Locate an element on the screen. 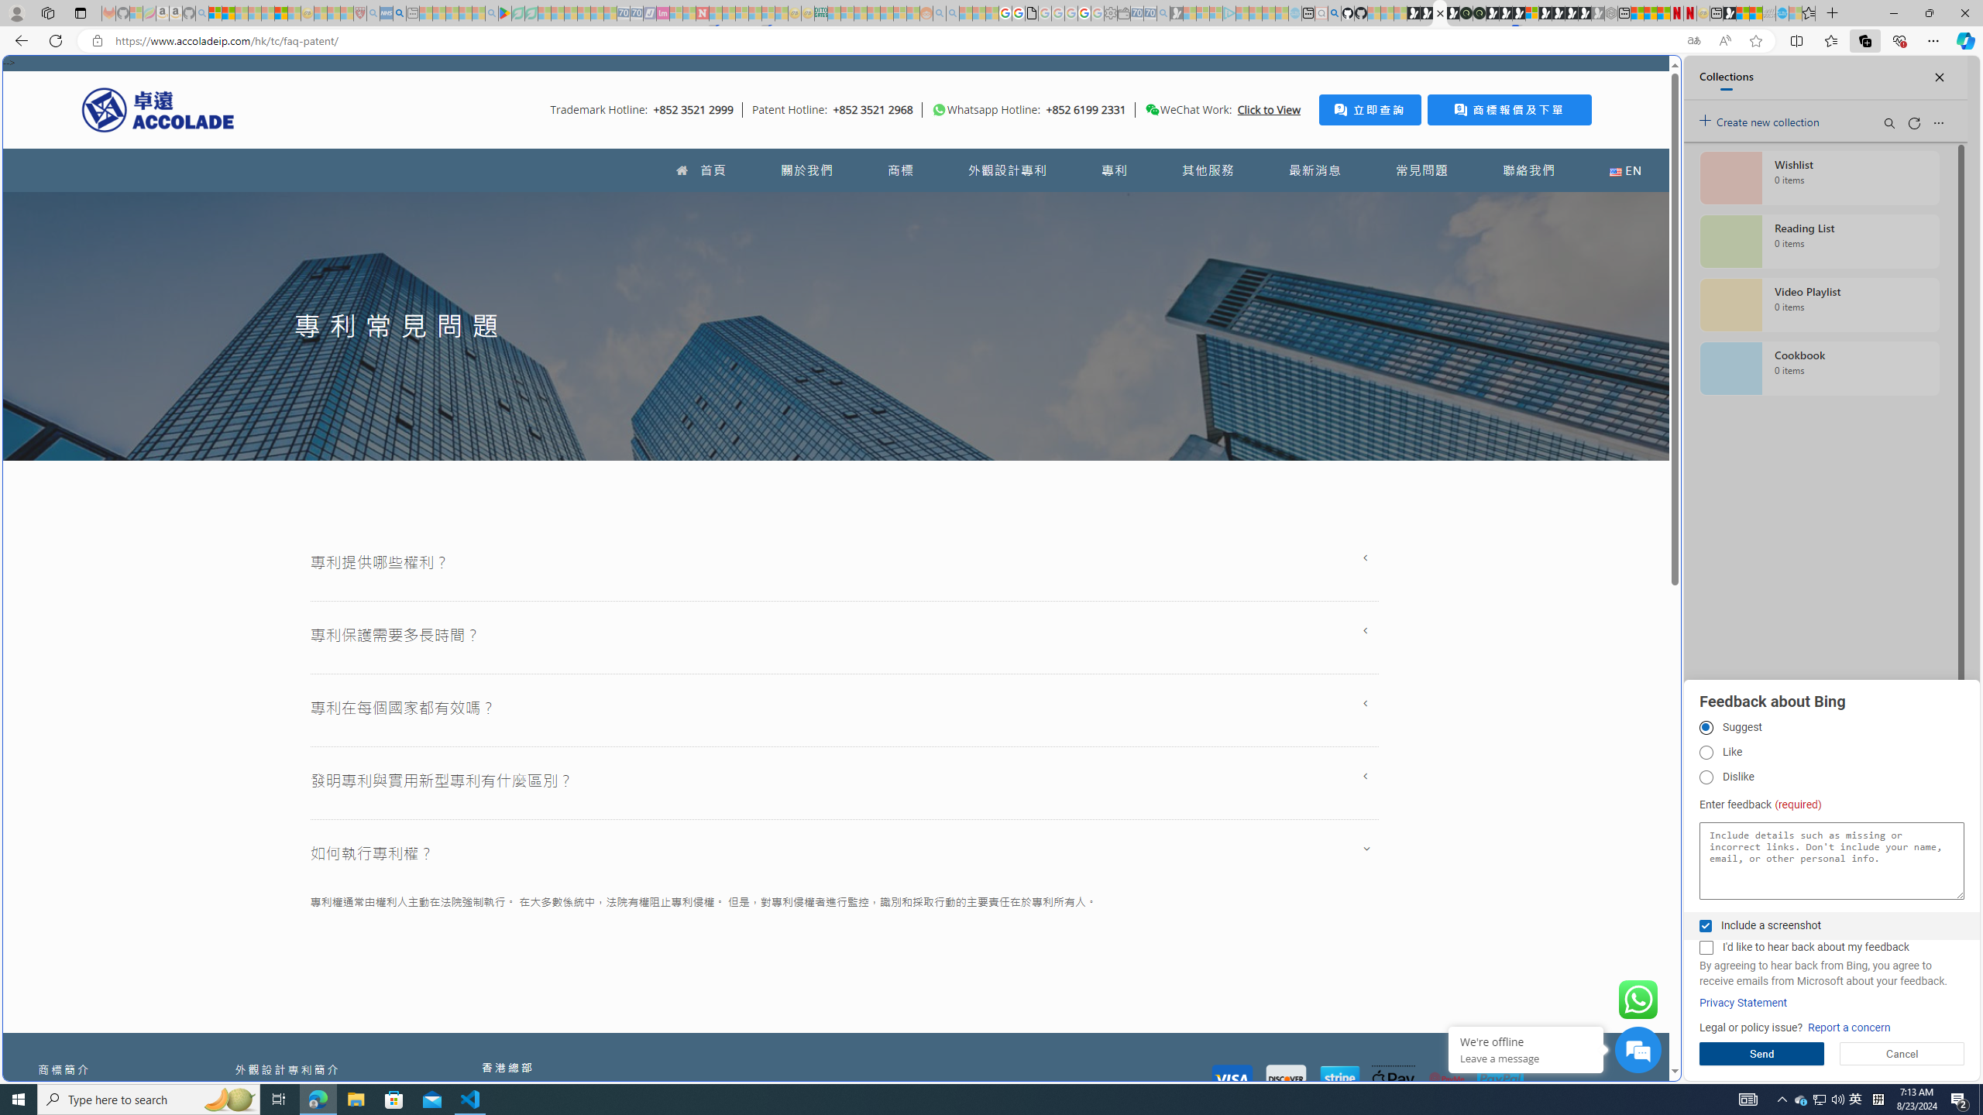 This screenshot has width=1983, height=1115. 'I' is located at coordinates (1705, 947).